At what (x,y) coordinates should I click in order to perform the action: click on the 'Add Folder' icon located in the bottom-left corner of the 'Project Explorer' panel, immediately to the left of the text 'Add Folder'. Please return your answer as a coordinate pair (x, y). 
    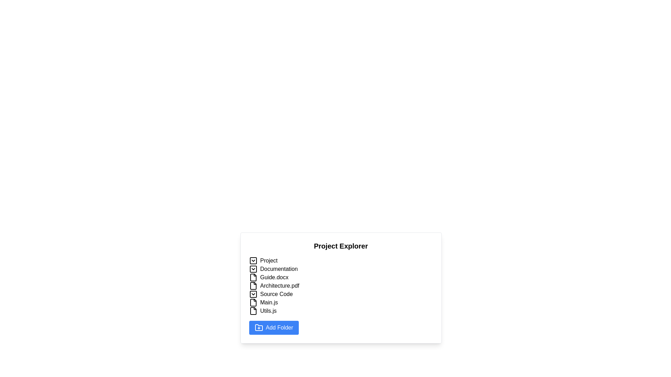
    Looking at the image, I should click on (258, 327).